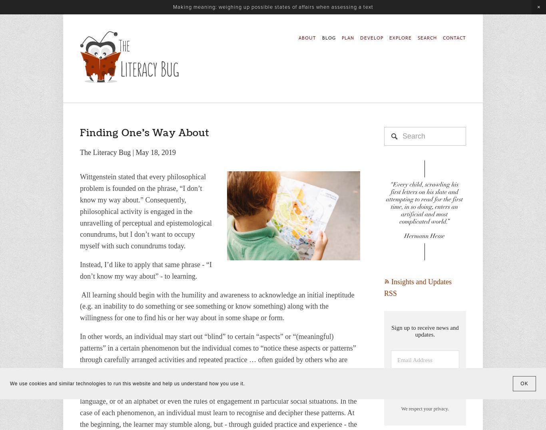 The height and width of the screenshot is (430, 546). I want to click on 'Blog', so click(83, 37).